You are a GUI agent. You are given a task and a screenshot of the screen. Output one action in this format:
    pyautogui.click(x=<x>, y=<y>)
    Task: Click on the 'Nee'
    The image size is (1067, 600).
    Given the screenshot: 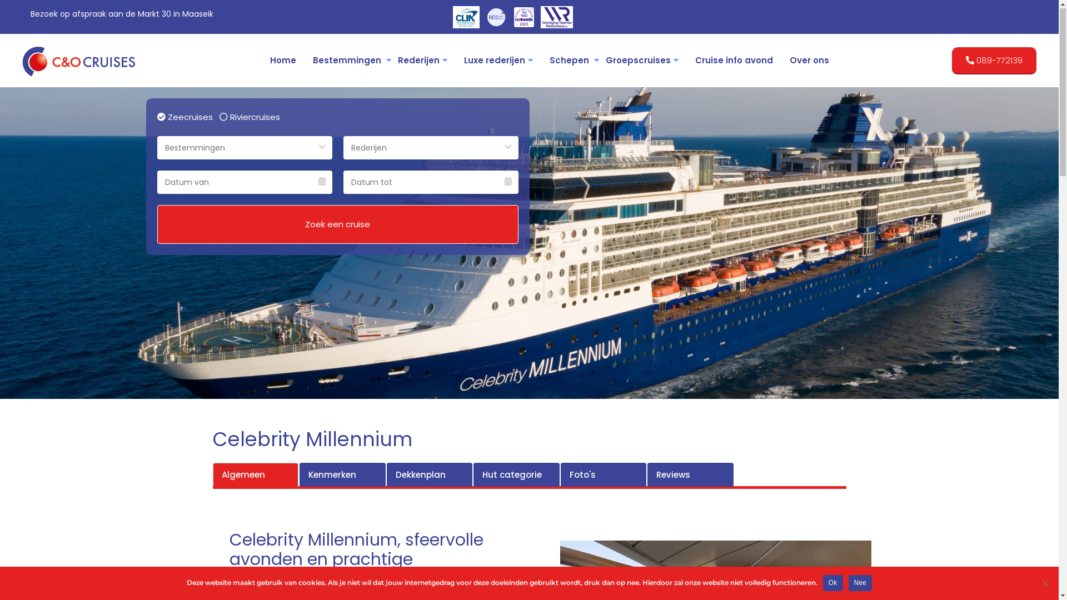 What is the action you would take?
    pyautogui.click(x=860, y=583)
    